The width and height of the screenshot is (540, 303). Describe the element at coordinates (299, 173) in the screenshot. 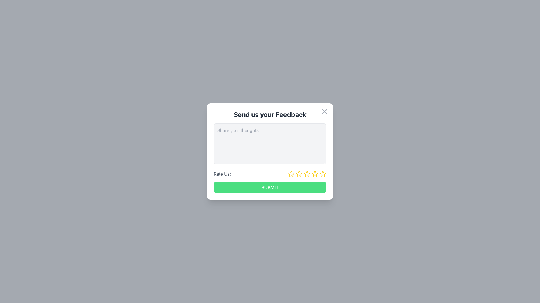

I see `the third yellow star icon in the 'Rate Us' section` at that location.